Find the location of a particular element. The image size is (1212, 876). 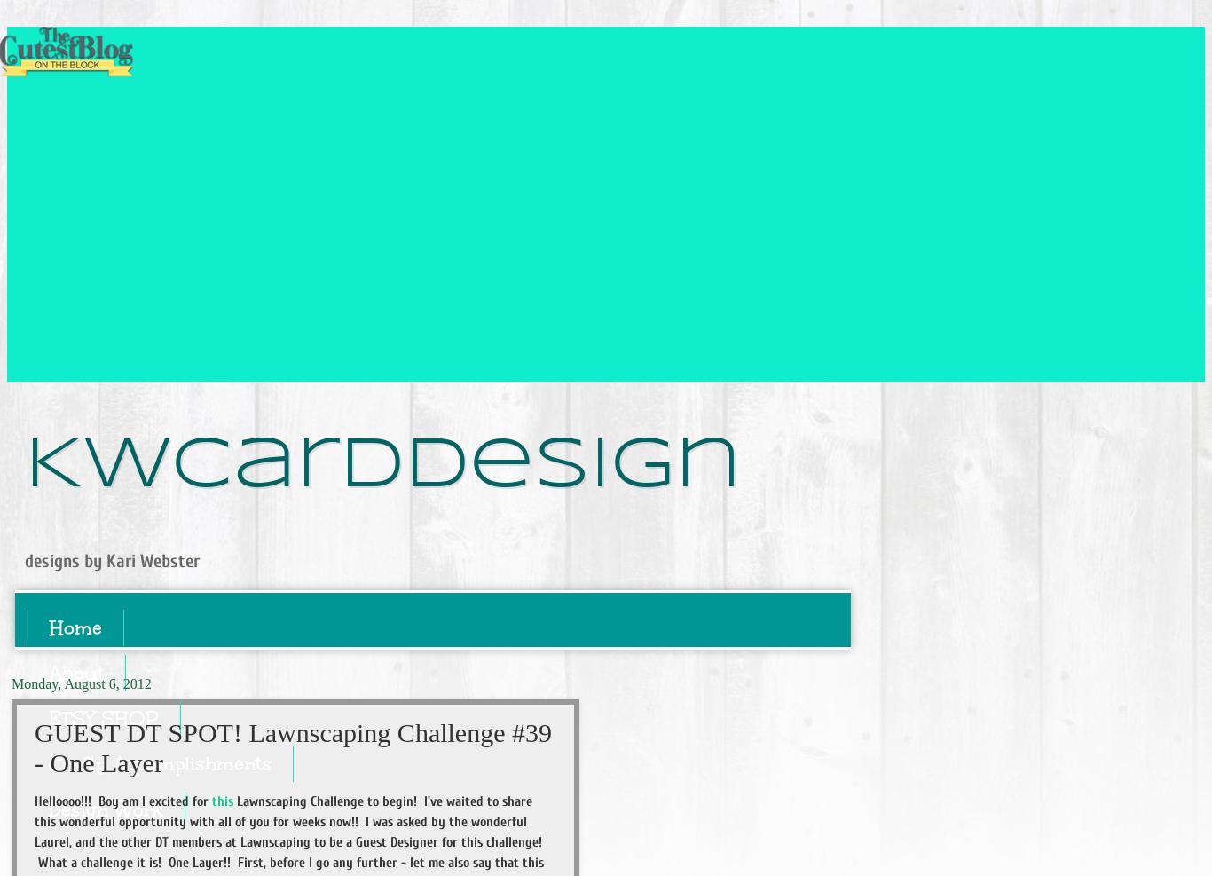

'Monday, August 6, 2012' is located at coordinates (81, 683).